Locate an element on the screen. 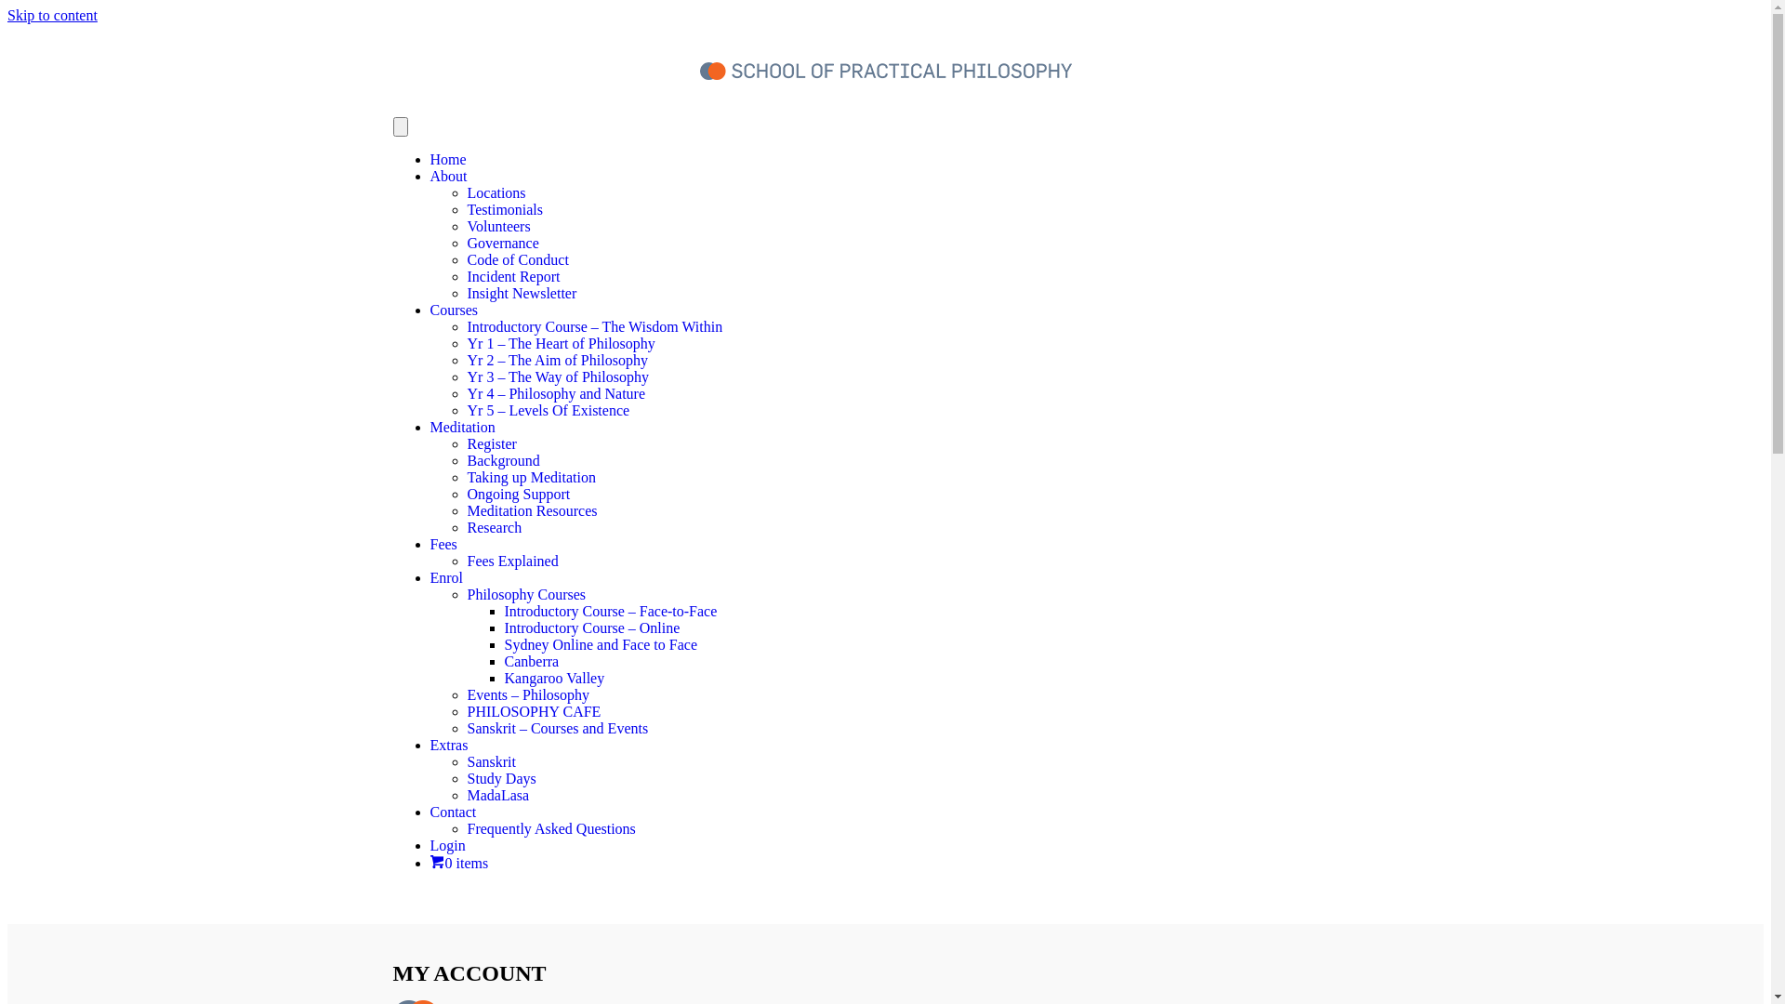  'Contact' is located at coordinates (452, 811).